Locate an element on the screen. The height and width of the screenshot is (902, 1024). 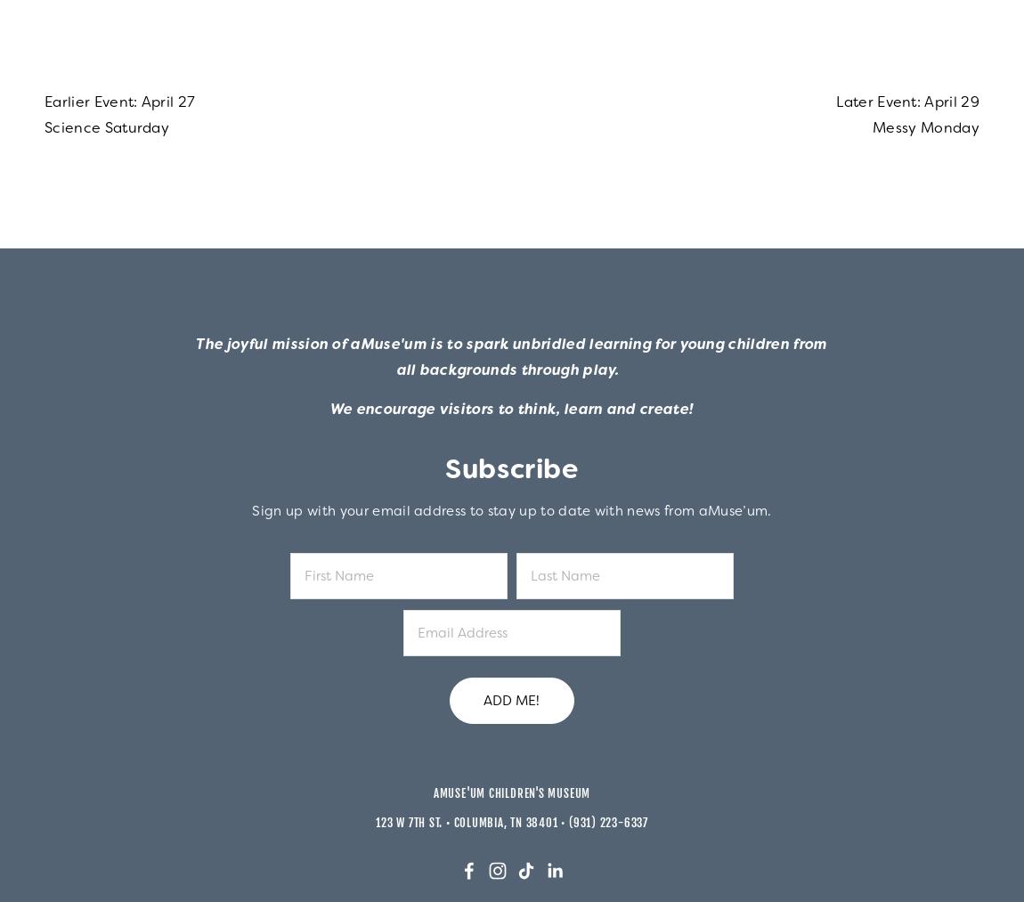
'aMuse'um Children's Museum' is located at coordinates (432, 792).